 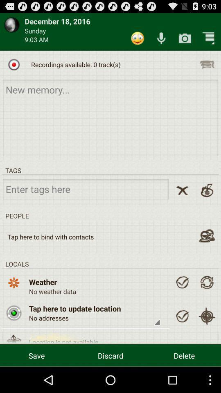 I want to click on write memories, so click(x=110, y=117).